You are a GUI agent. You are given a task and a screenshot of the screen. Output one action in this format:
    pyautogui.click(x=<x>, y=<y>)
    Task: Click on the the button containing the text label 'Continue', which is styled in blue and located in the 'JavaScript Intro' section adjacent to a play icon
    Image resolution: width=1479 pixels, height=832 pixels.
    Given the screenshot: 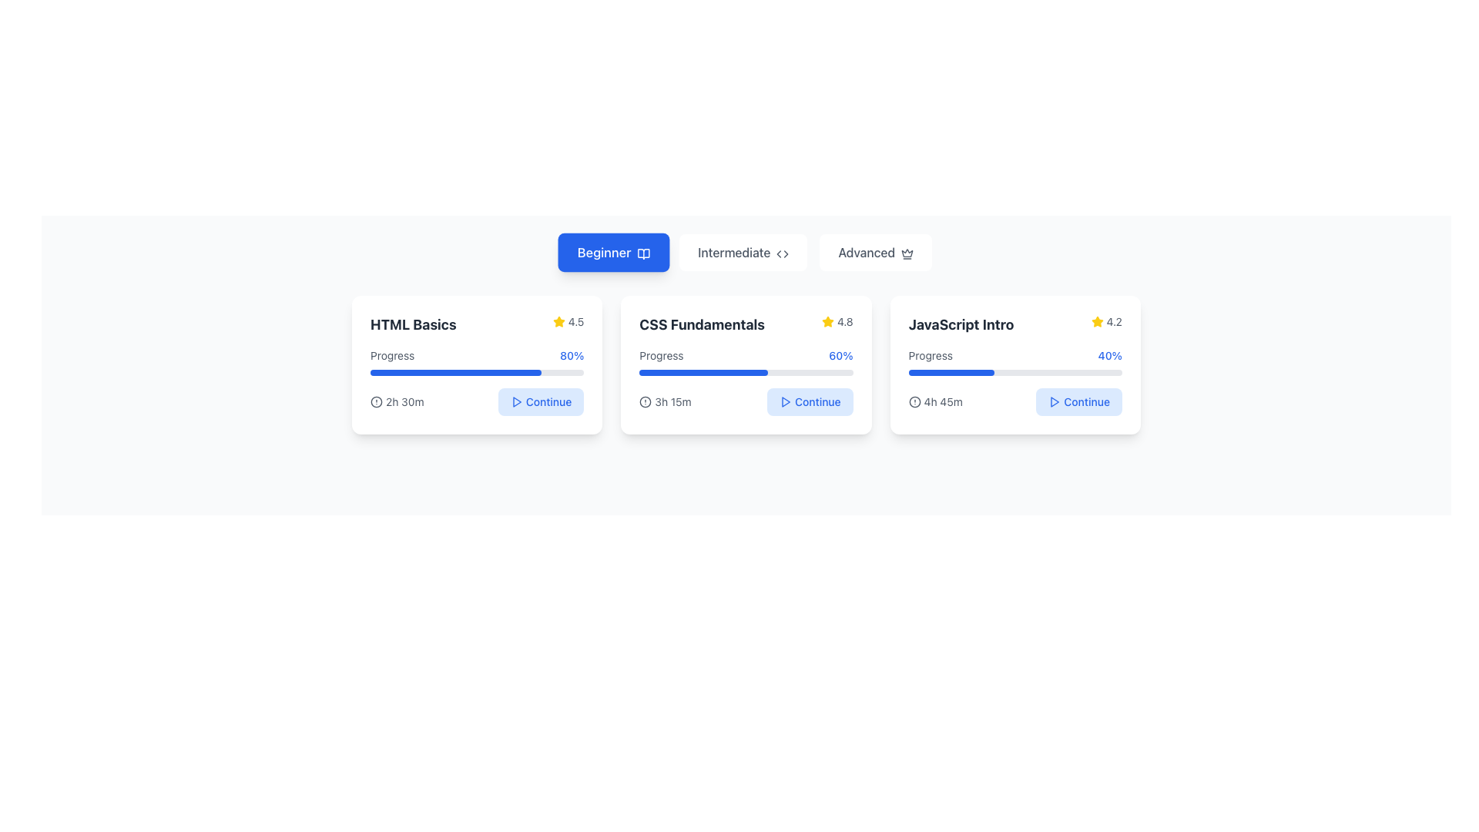 What is the action you would take?
    pyautogui.click(x=1086, y=401)
    